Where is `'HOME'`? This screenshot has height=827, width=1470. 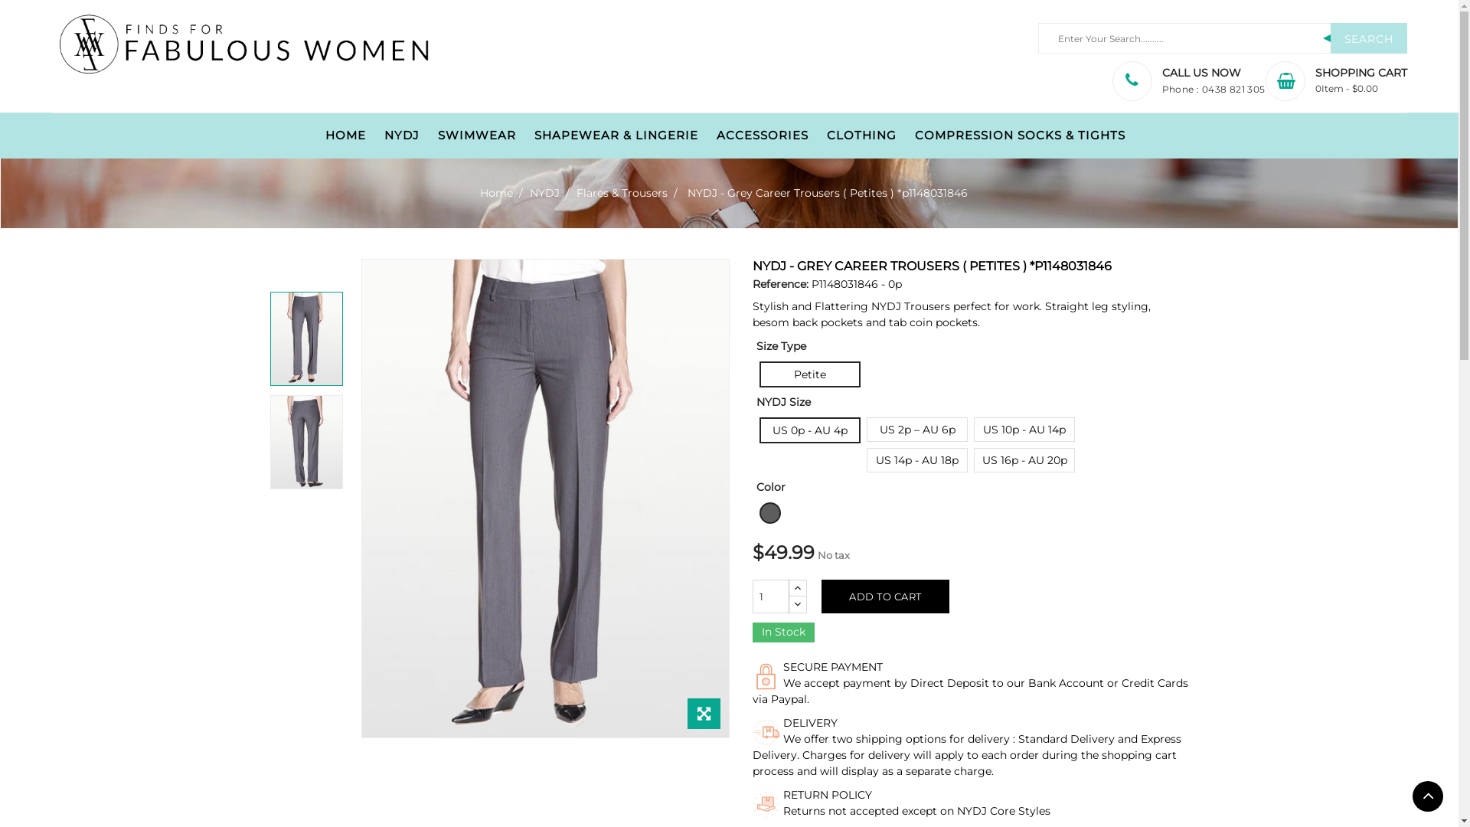 'HOME' is located at coordinates (345, 135).